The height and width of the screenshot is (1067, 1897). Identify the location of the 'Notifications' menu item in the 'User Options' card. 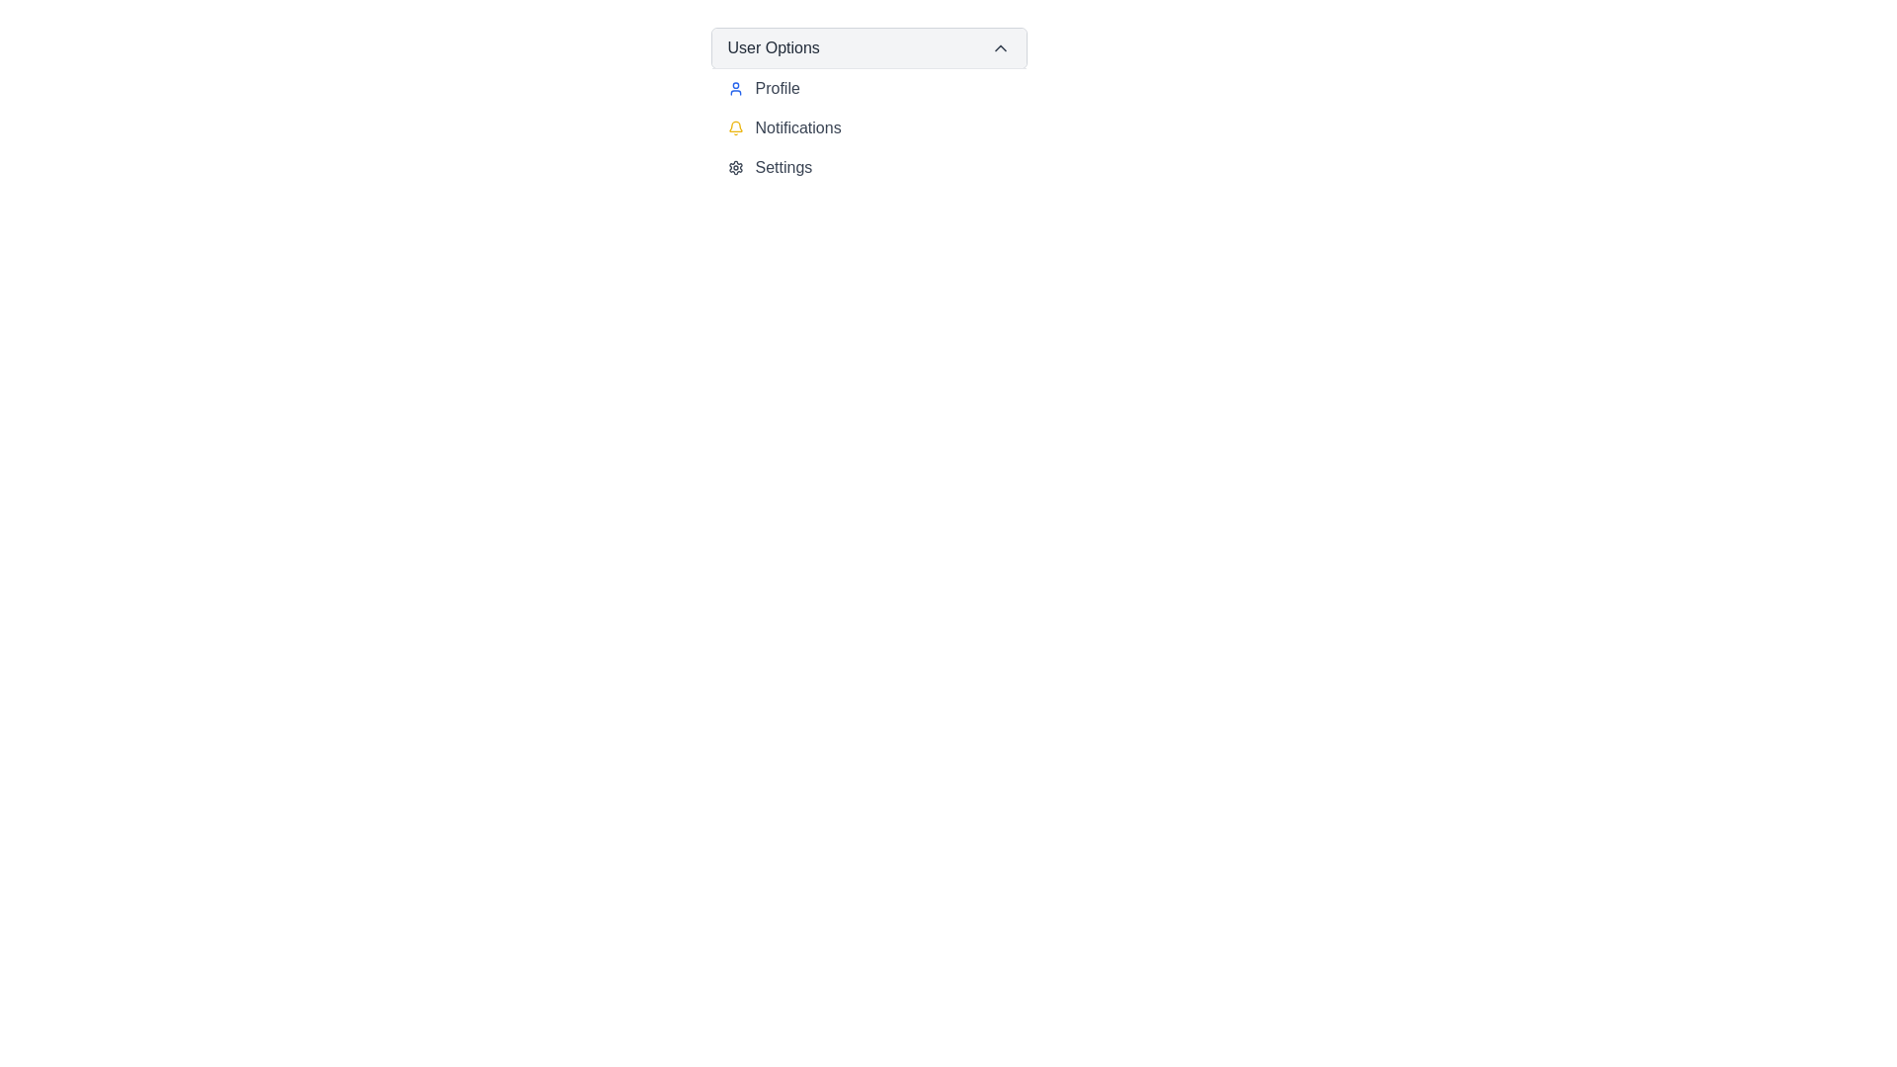
(868, 127).